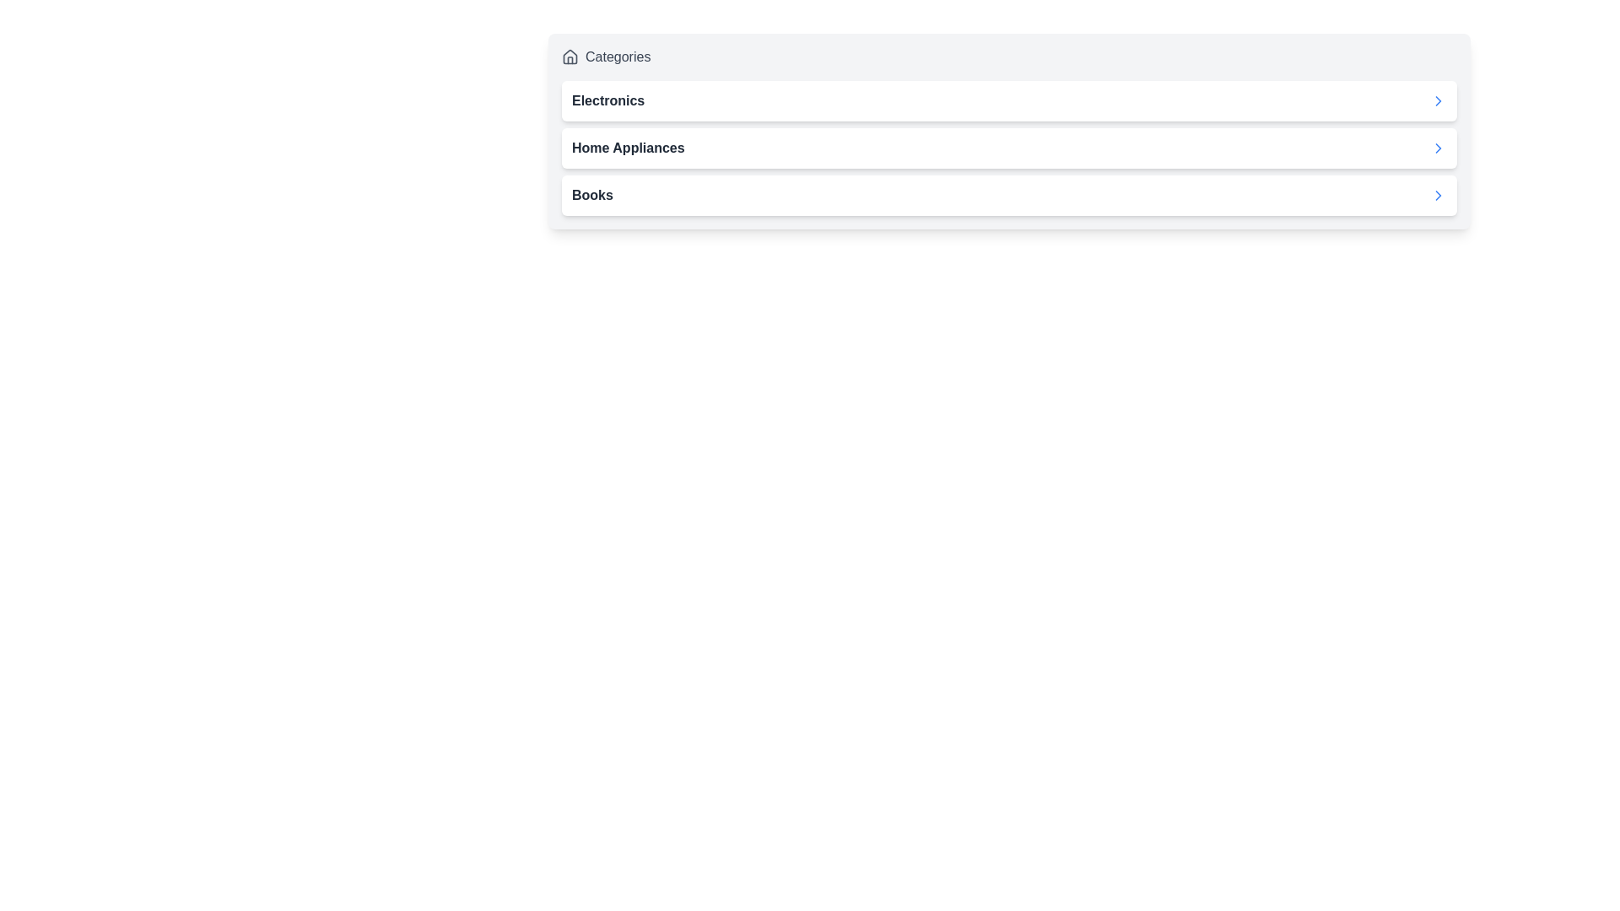 The width and height of the screenshot is (1620, 911). Describe the element at coordinates (1009, 148) in the screenshot. I see `the 'Home Appliances' category item in the navigation menu` at that location.